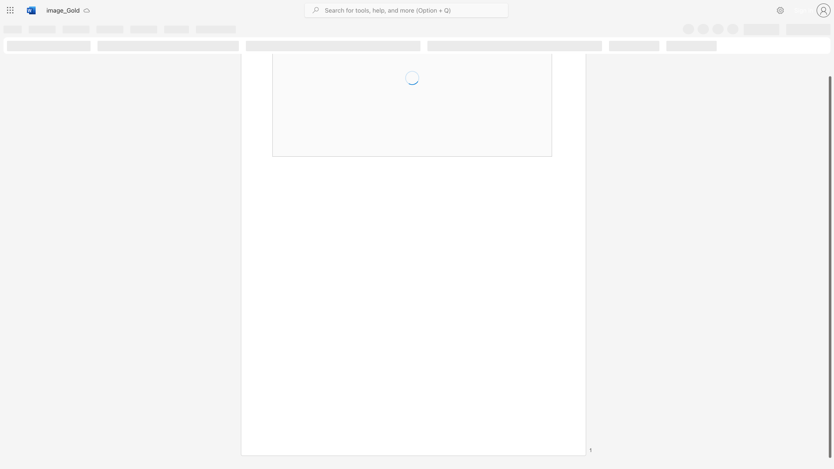 This screenshot has width=834, height=469. What do you see at coordinates (829, 267) in the screenshot?
I see `the scrollbar and move up 50 pixels` at bounding box center [829, 267].